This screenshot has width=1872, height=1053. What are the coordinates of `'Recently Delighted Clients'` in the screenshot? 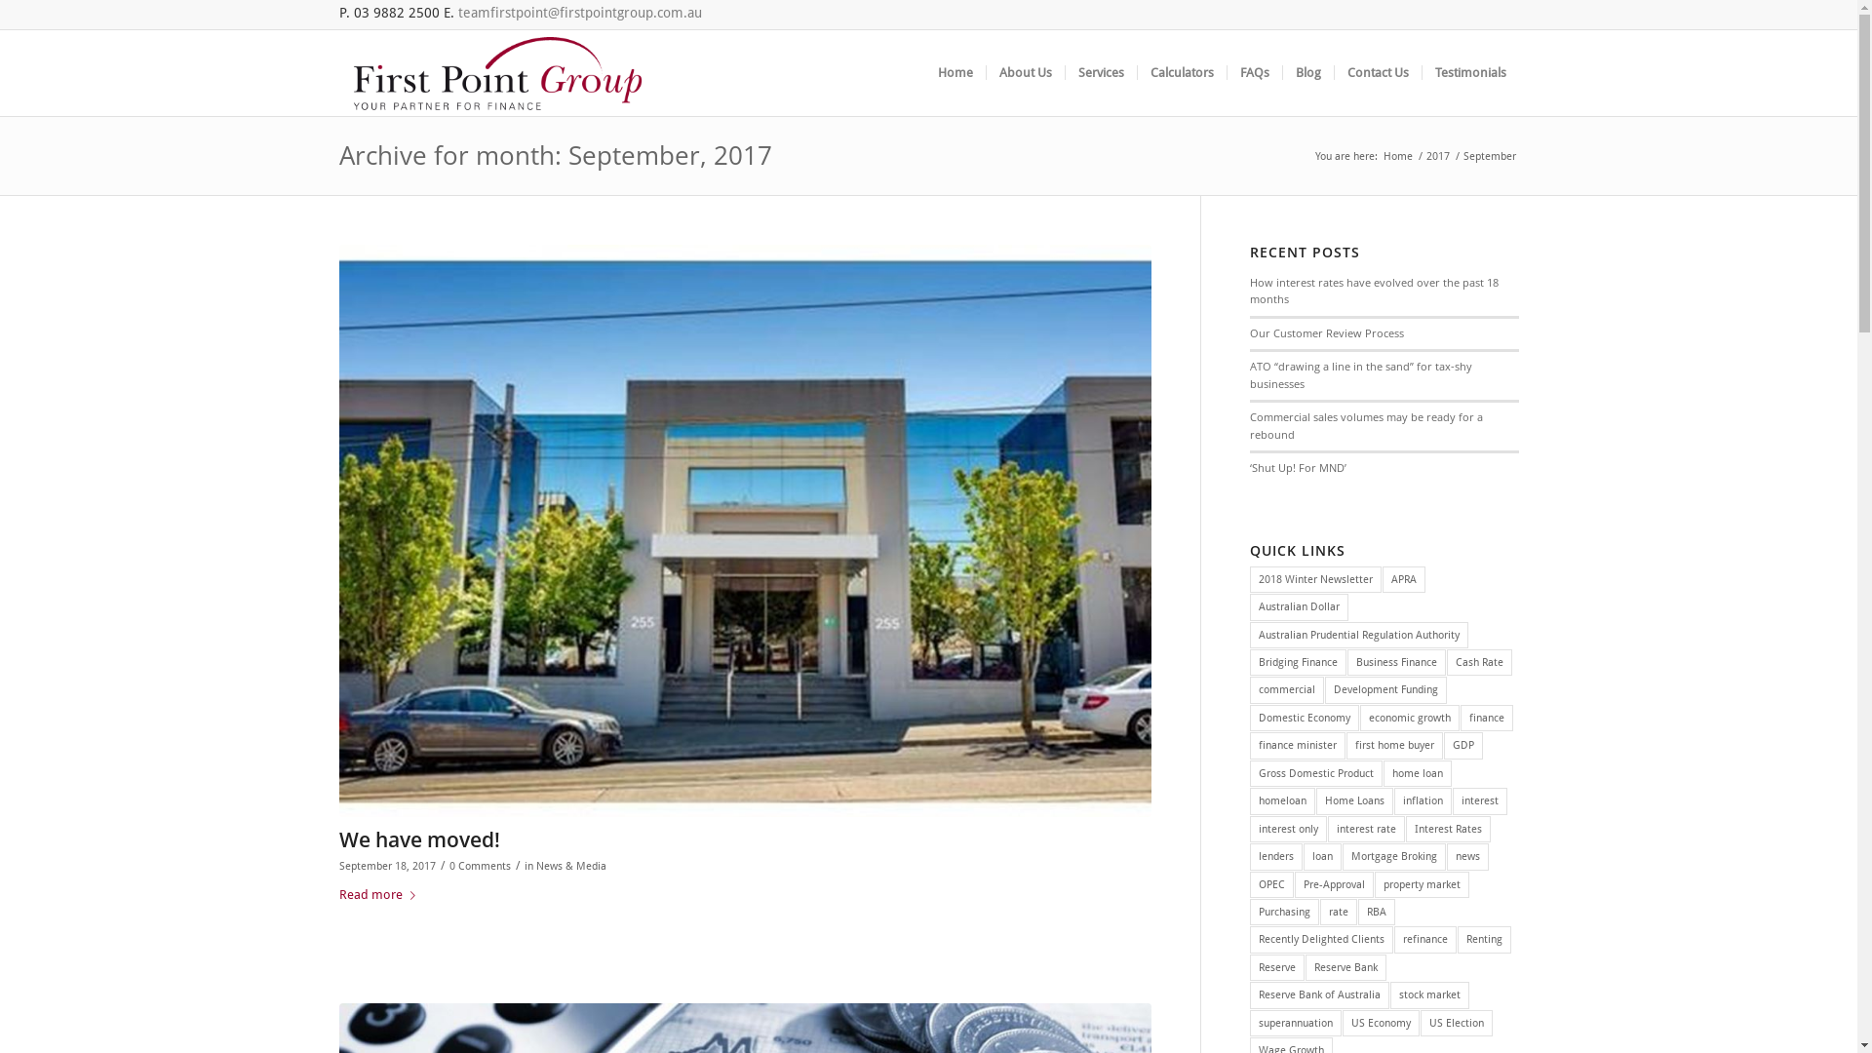 It's located at (1321, 938).